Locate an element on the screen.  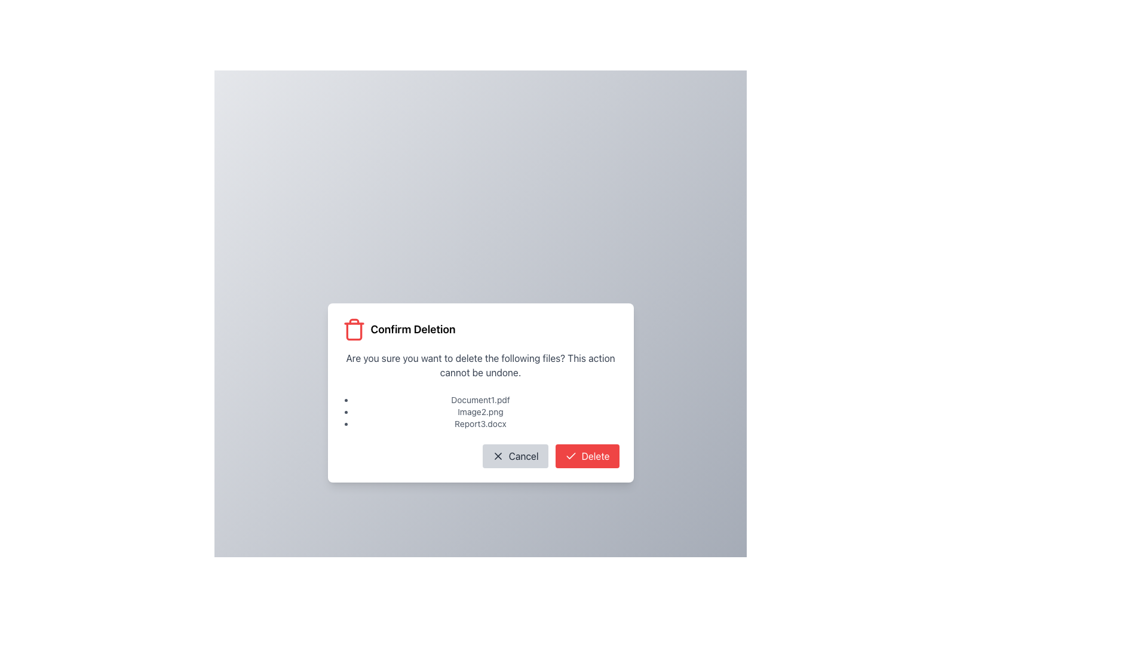
the red 'Delete' button with white text and a checkmark icon, located in the bottom right of the modal window, to trigger a visual state change is located at coordinates (587, 456).